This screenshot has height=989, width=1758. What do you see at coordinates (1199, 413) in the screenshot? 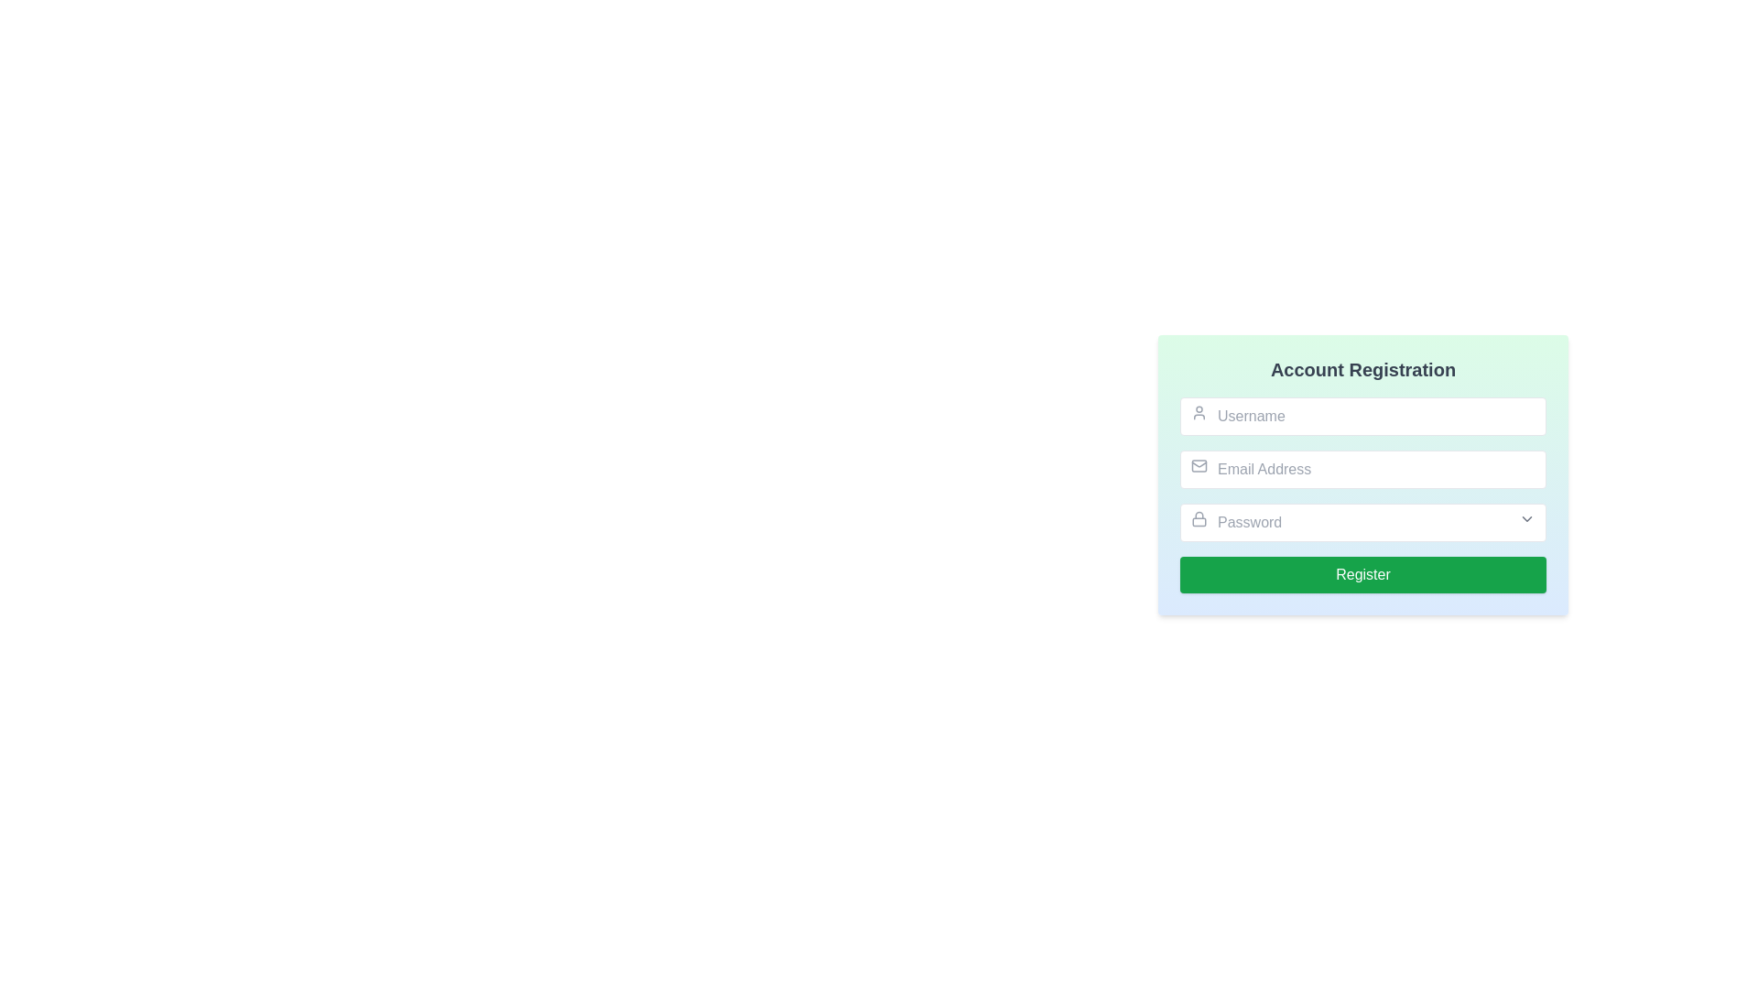
I see `the user icon, which is a gray outline of a person's head and shoulders located on the left side of the 'Username' input field in the user registration form` at bounding box center [1199, 413].